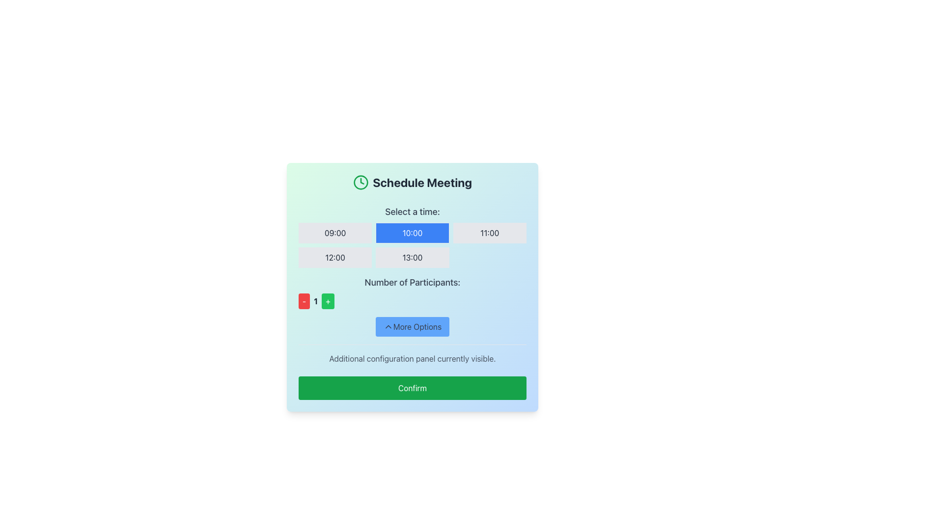 This screenshot has width=943, height=530. I want to click on the static text label displaying 'Additional configuration panel currently visible.' which is located above the 'Confirm' button and below the 'More Options' button in the dialog interface, so click(413, 354).